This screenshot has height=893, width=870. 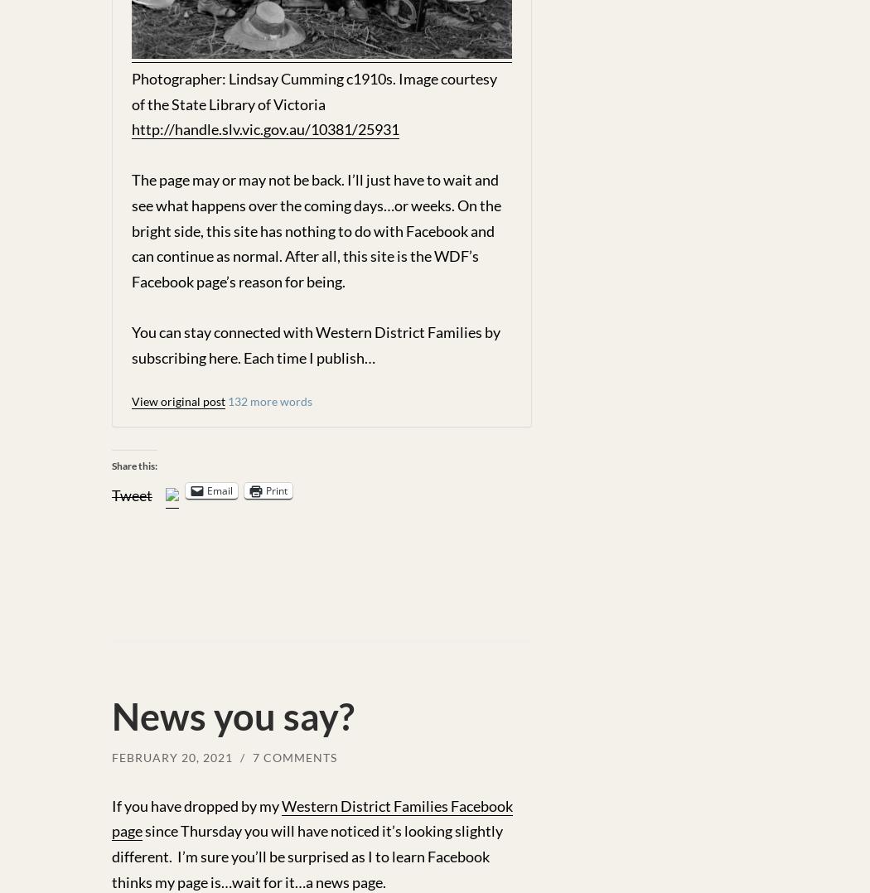 I want to click on 'View original post', so click(x=131, y=399).